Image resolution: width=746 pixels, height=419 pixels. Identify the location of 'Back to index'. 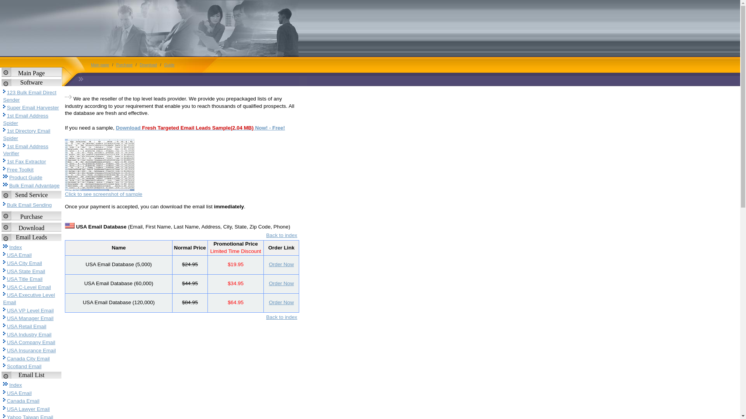
(266, 235).